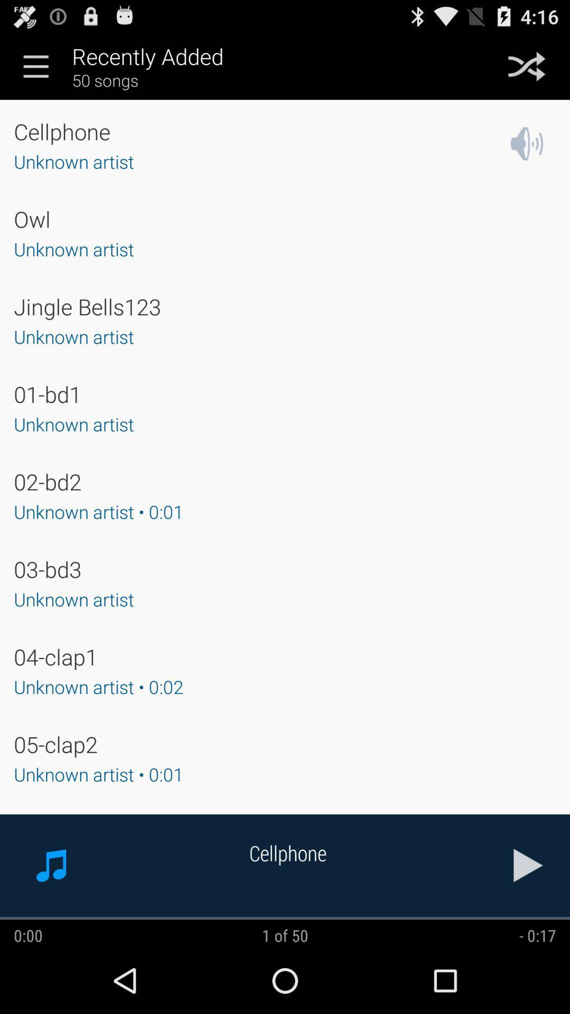 Image resolution: width=570 pixels, height=1014 pixels. I want to click on the item next to the cellphone icon, so click(528, 865).